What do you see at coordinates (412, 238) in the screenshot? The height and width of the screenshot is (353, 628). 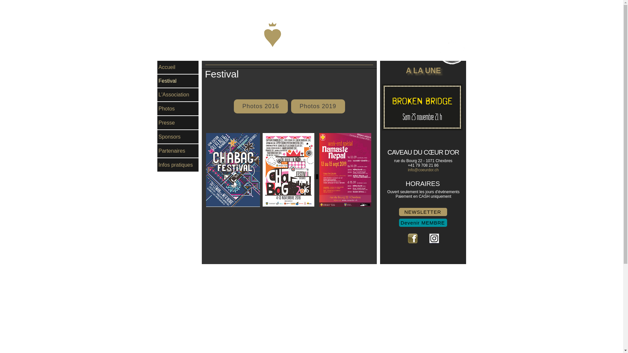 I see `'facebook'` at bounding box center [412, 238].